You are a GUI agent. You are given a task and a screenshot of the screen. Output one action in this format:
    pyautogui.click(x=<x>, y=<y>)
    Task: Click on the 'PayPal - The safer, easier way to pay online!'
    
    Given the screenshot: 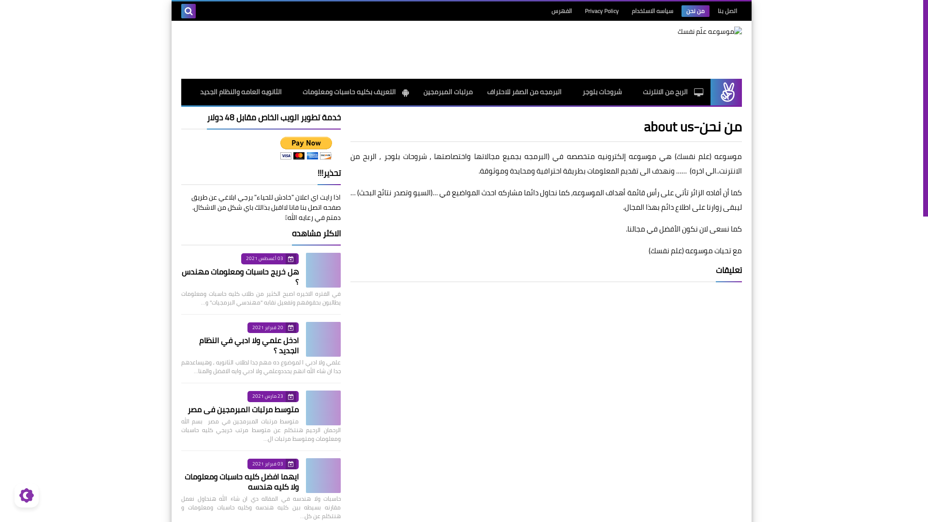 What is the action you would take?
    pyautogui.click(x=305, y=148)
    